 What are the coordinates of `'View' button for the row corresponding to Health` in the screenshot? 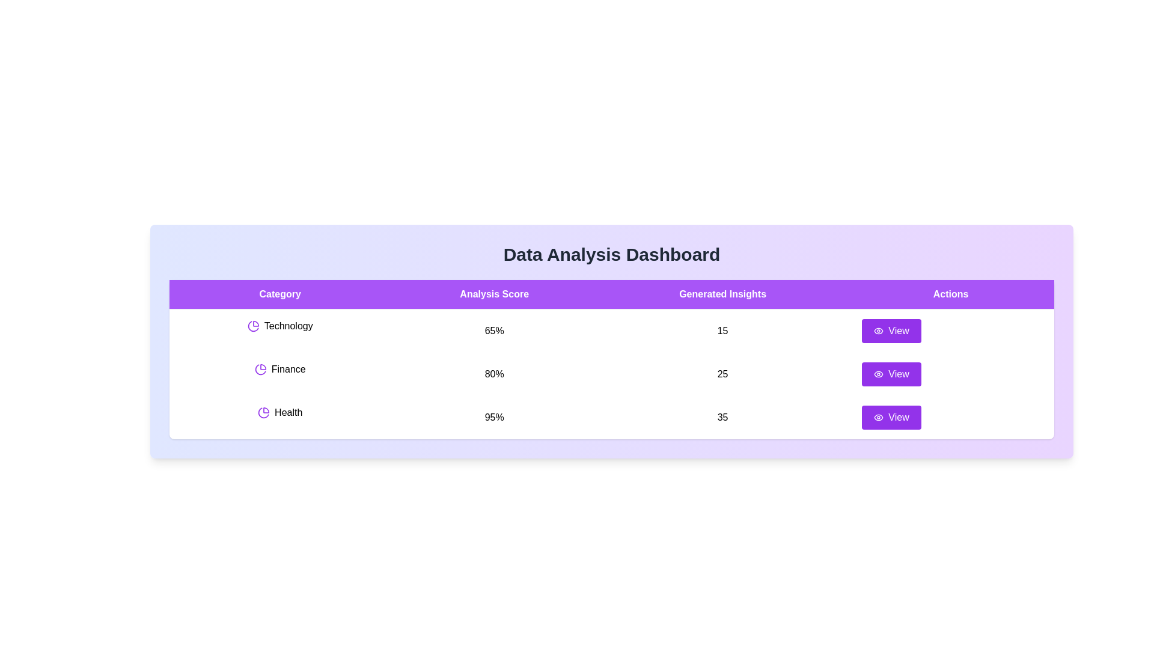 It's located at (891, 416).